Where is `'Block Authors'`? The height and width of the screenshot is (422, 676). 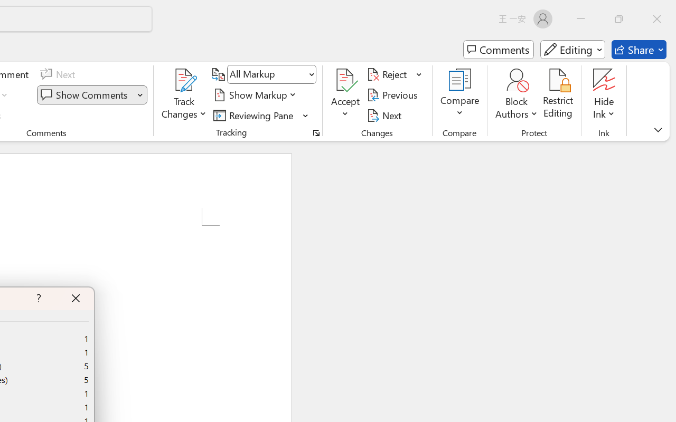 'Block Authors' is located at coordinates (516, 94).